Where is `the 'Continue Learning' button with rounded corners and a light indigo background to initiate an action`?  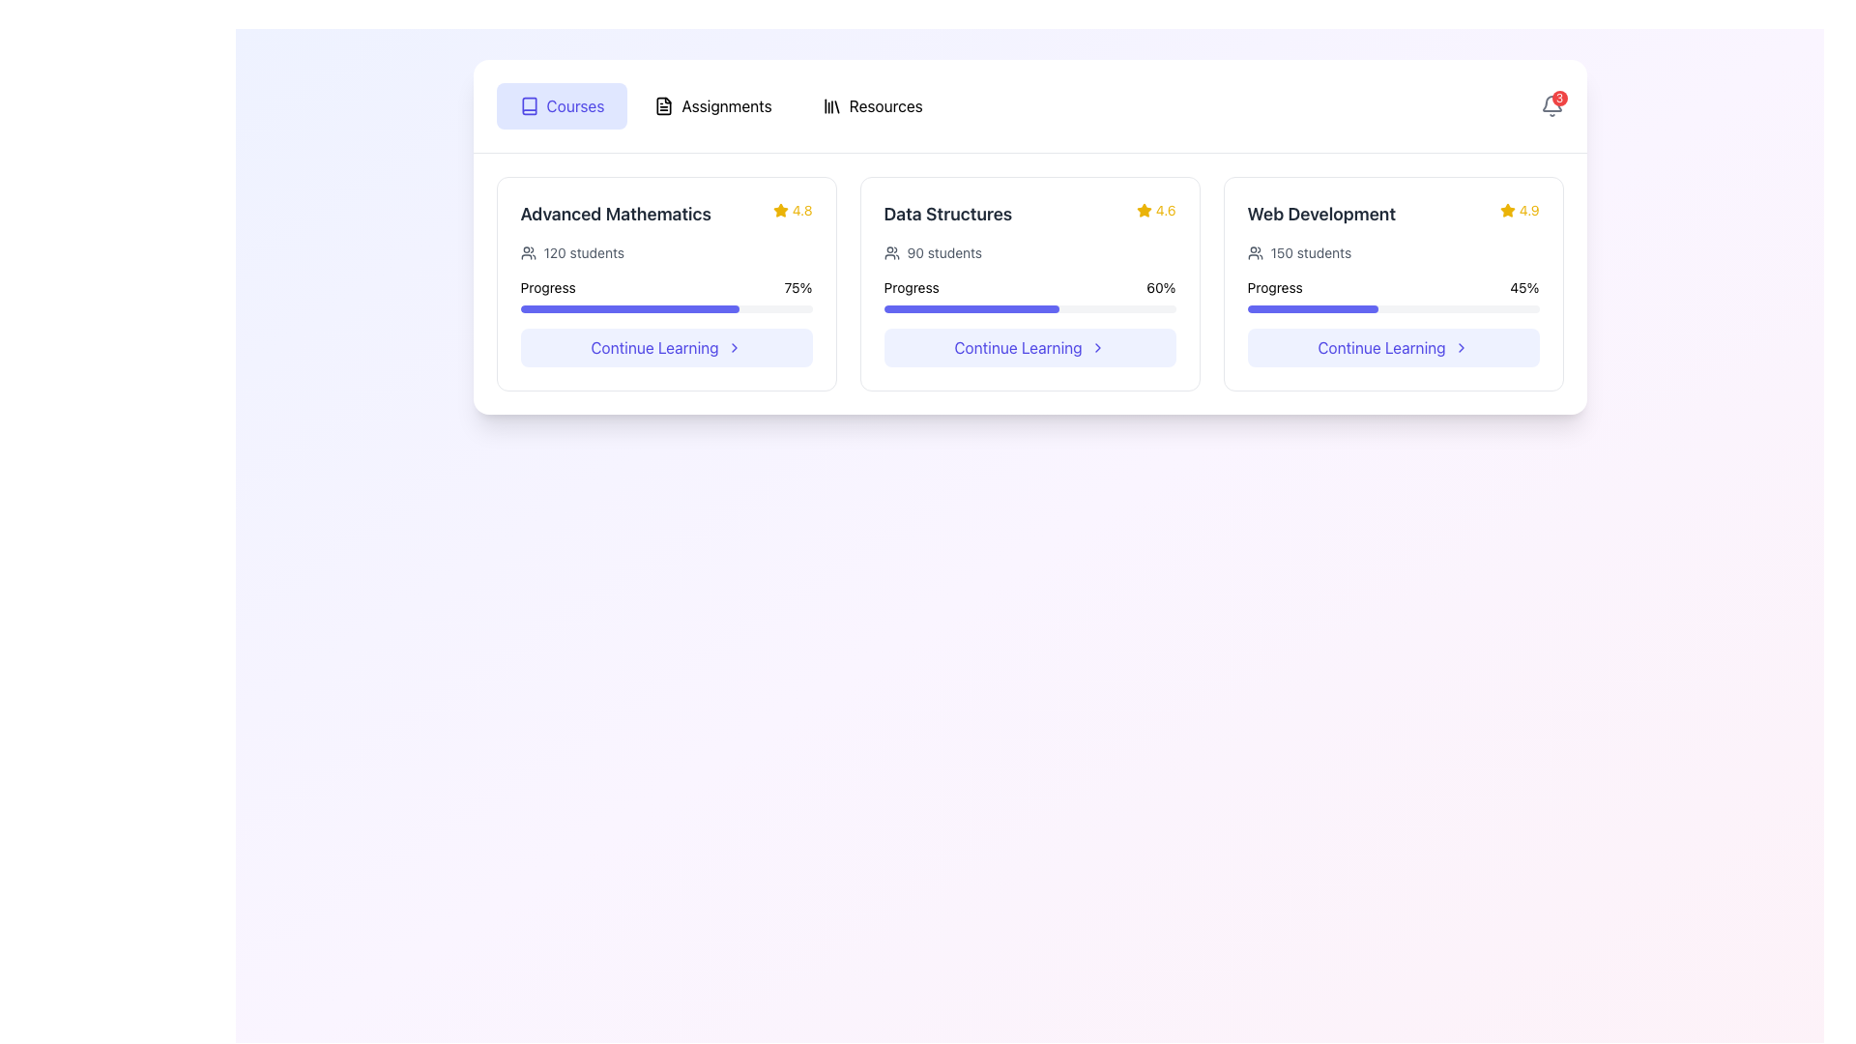 the 'Continue Learning' button with rounded corners and a light indigo background to initiate an action is located at coordinates (1393, 346).